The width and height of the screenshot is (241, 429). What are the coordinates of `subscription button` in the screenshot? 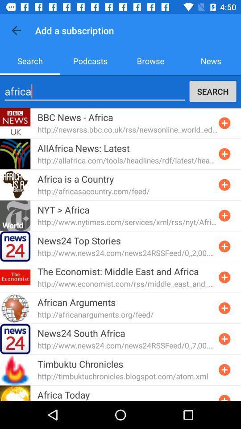 It's located at (224, 308).